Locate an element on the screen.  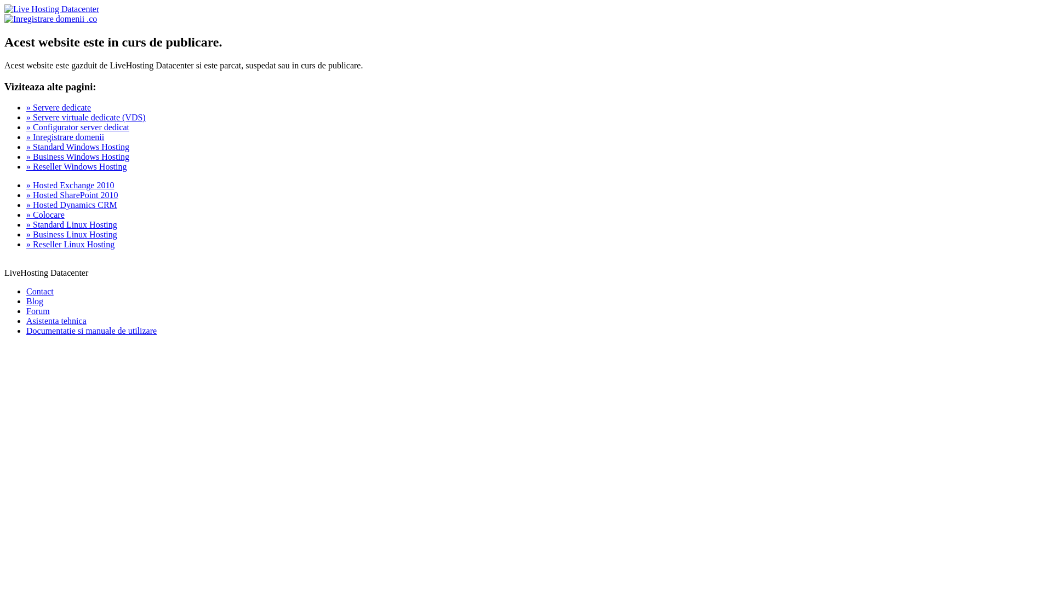
'Forum' is located at coordinates (38, 311).